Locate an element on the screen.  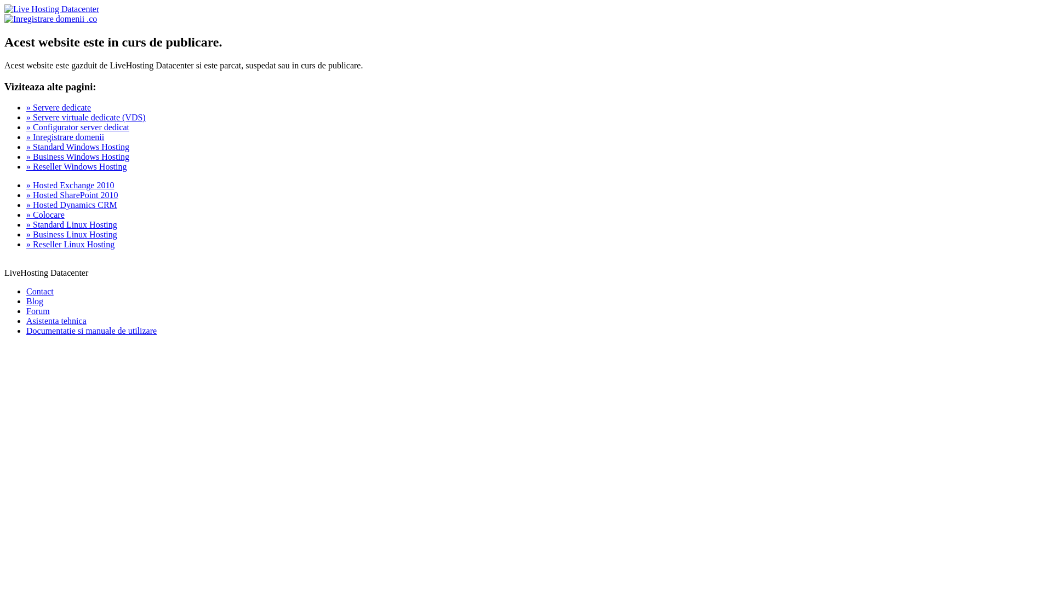
'Forum' is located at coordinates (38, 311).